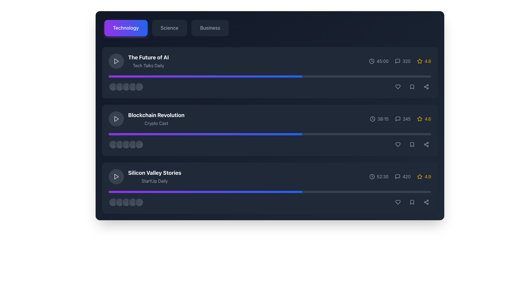 The width and height of the screenshot is (523, 294). I want to click on the triangular play icon, which is styled with a simple outline and positioned inside a circular button in the top-left corner of the second media item in a vertical list, so click(116, 118).